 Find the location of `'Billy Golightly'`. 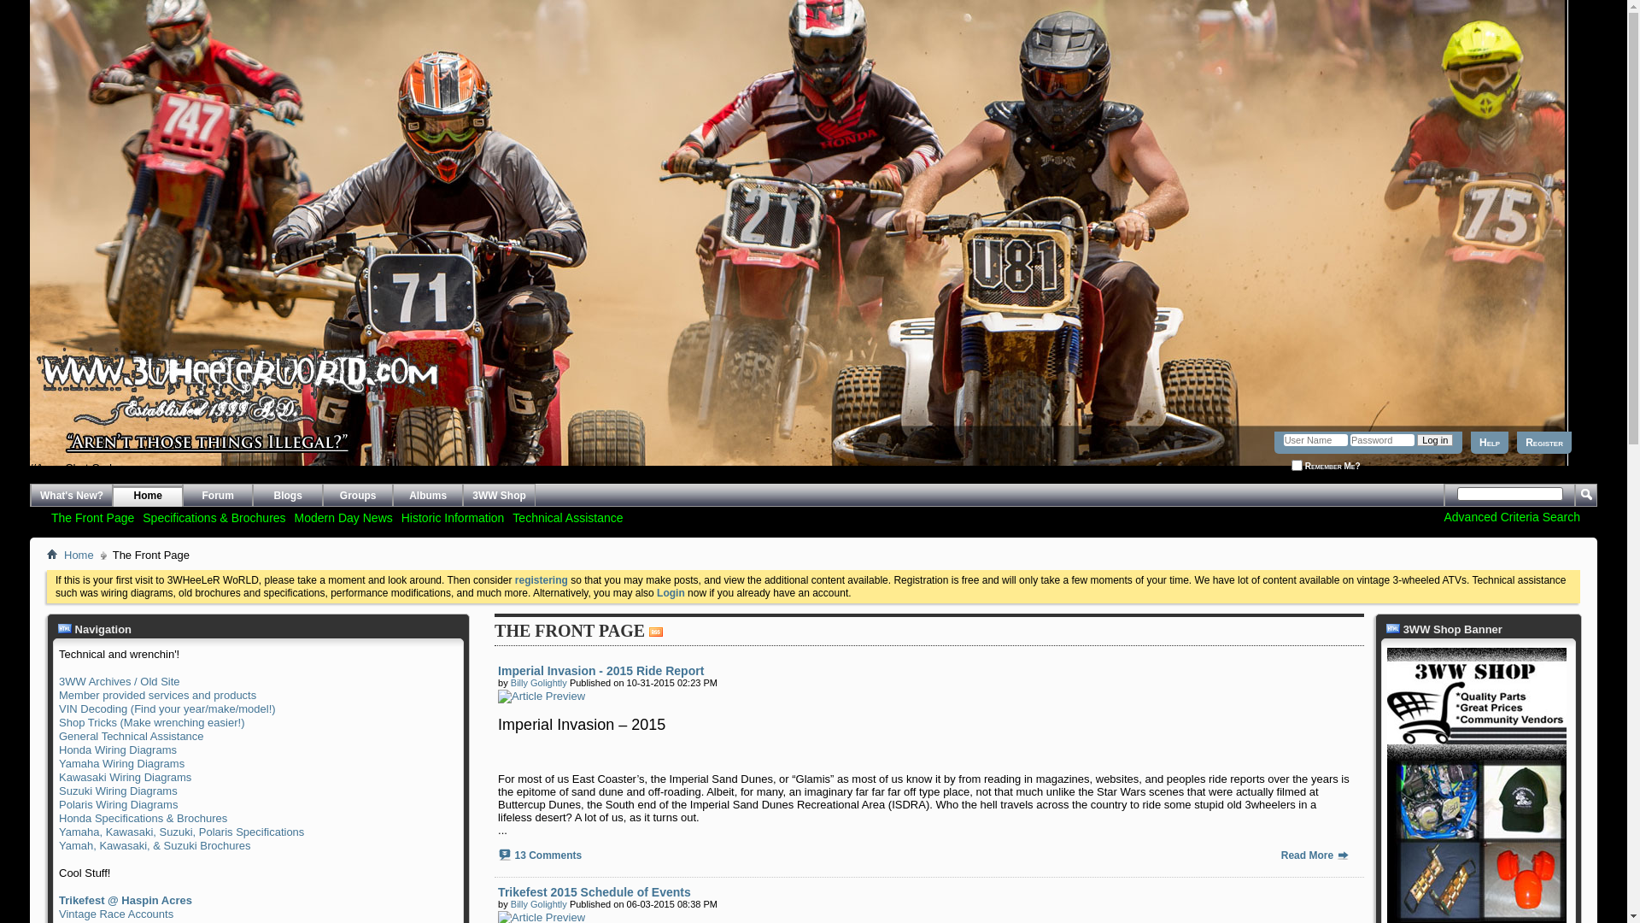

'Billy Golightly' is located at coordinates (537, 681).